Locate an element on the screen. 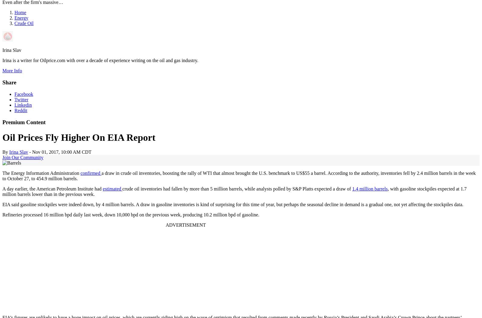 The image size is (482, 318). 'estimated' is located at coordinates (112, 189).